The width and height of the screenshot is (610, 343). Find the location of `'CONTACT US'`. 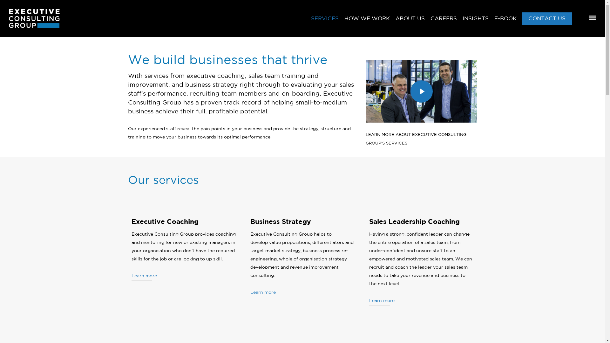

'CONTACT US' is located at coordinates (546, 23).